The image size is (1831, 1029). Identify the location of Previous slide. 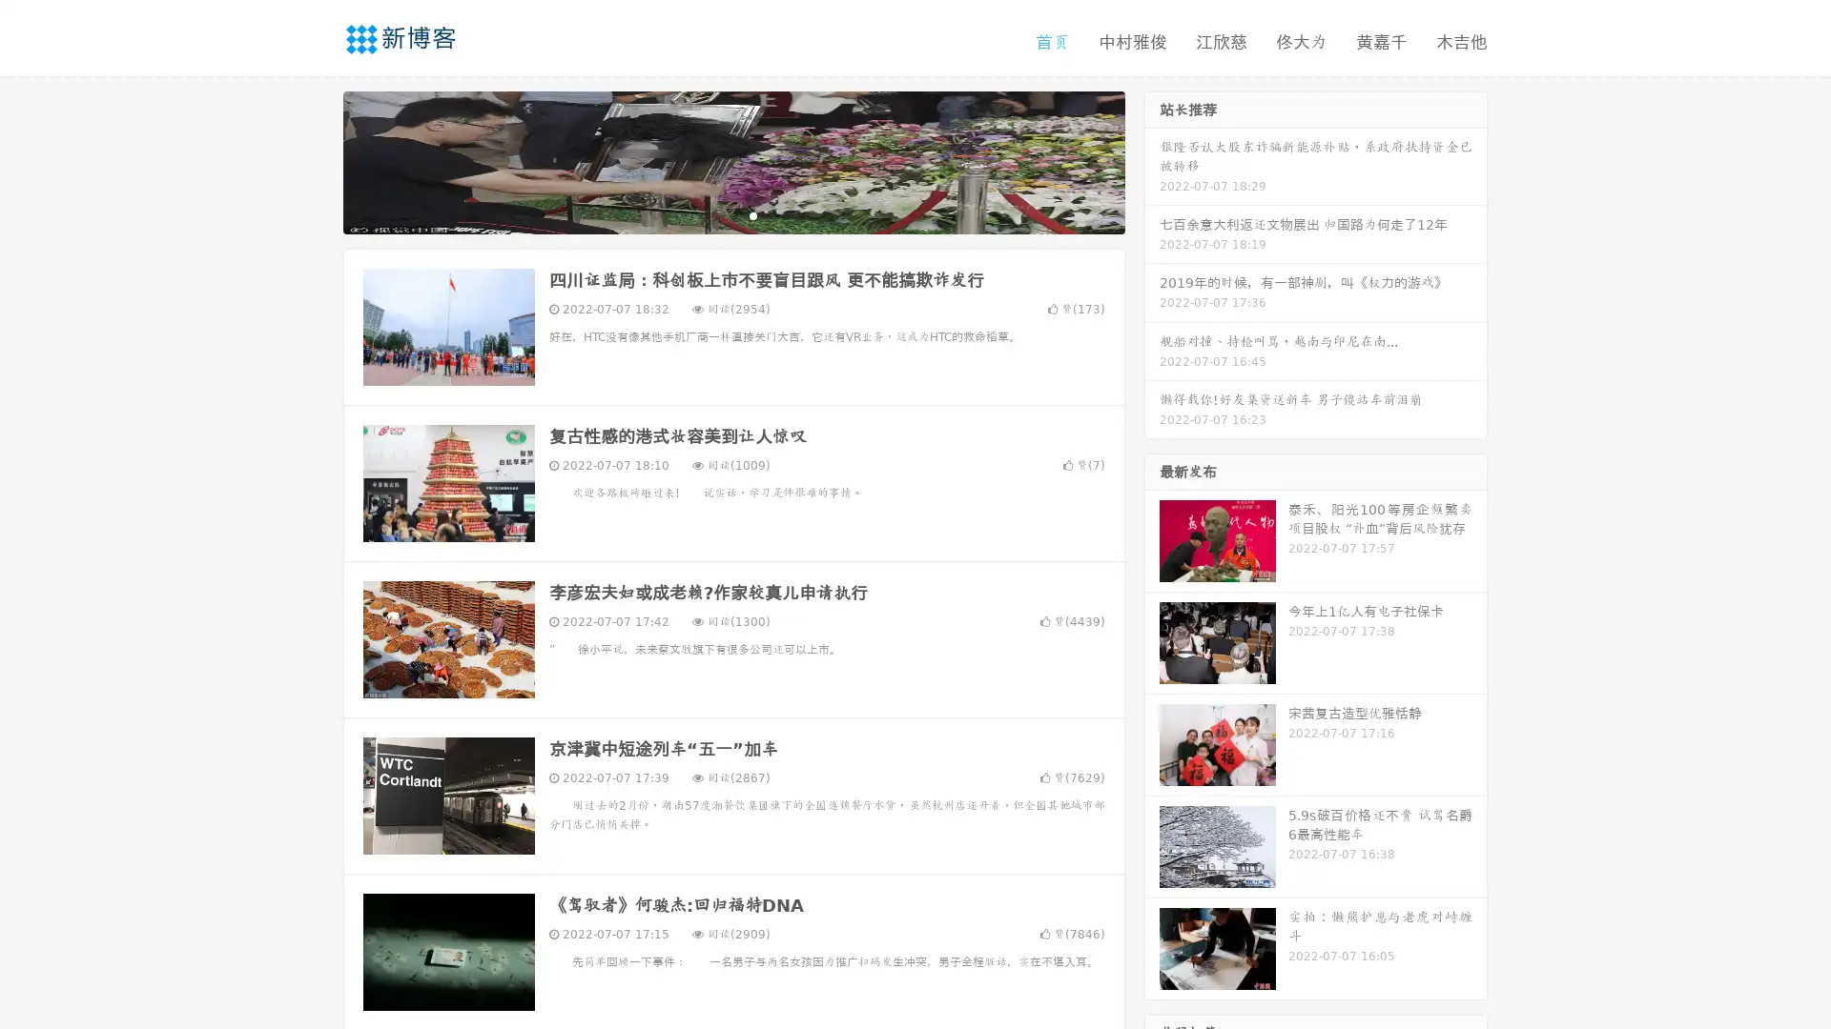
(315, 160).